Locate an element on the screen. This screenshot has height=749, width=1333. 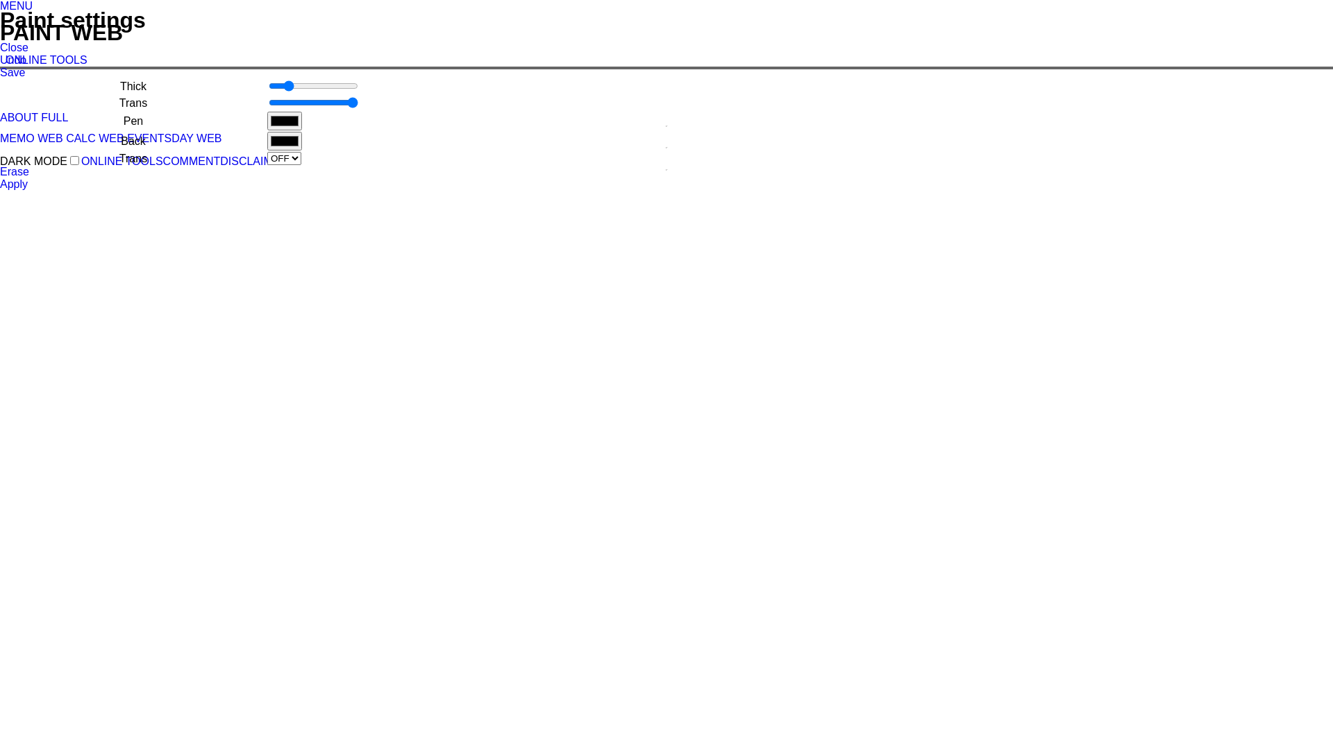
'ONLINE TOOLS' is located at coordinates (47, 59).